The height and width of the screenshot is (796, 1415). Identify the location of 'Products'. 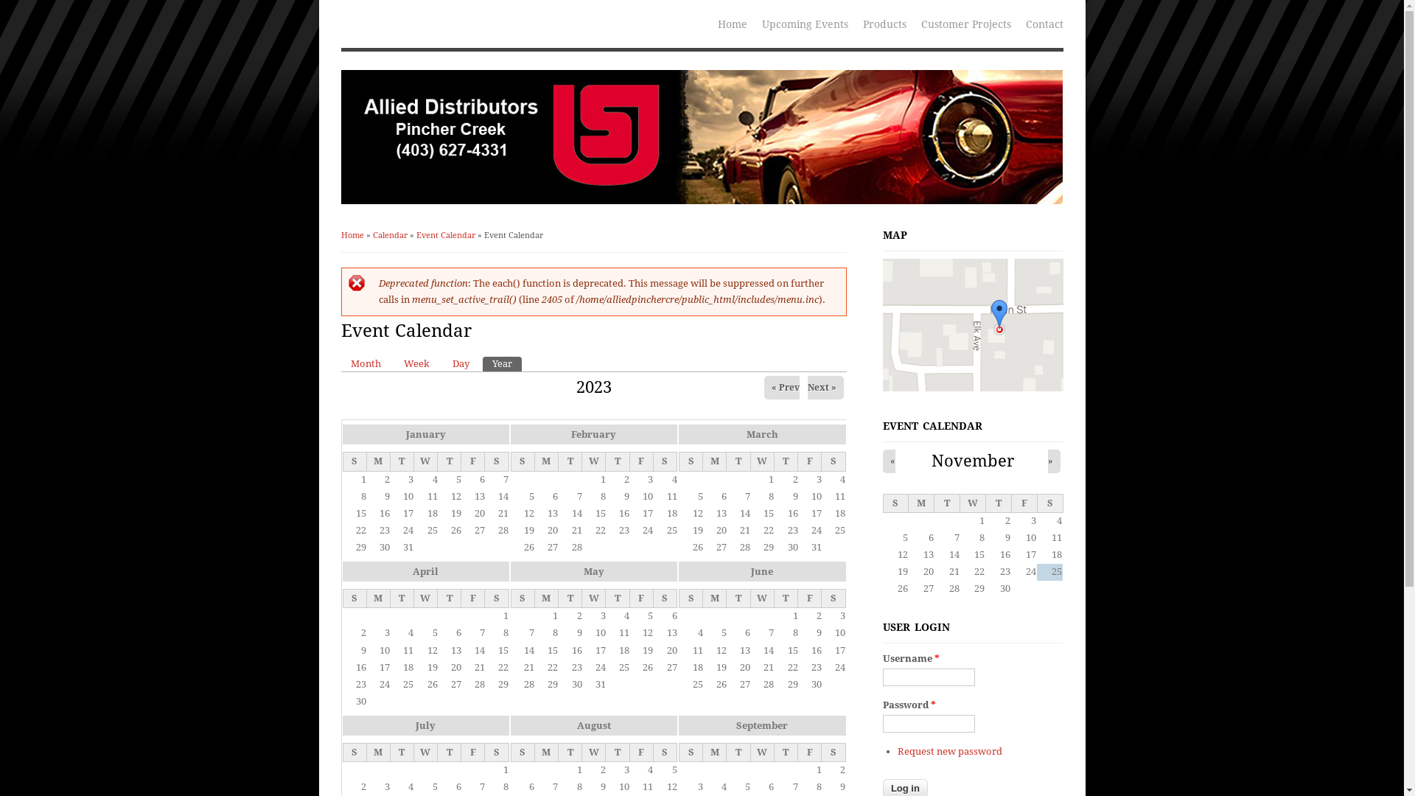
(884, 23).